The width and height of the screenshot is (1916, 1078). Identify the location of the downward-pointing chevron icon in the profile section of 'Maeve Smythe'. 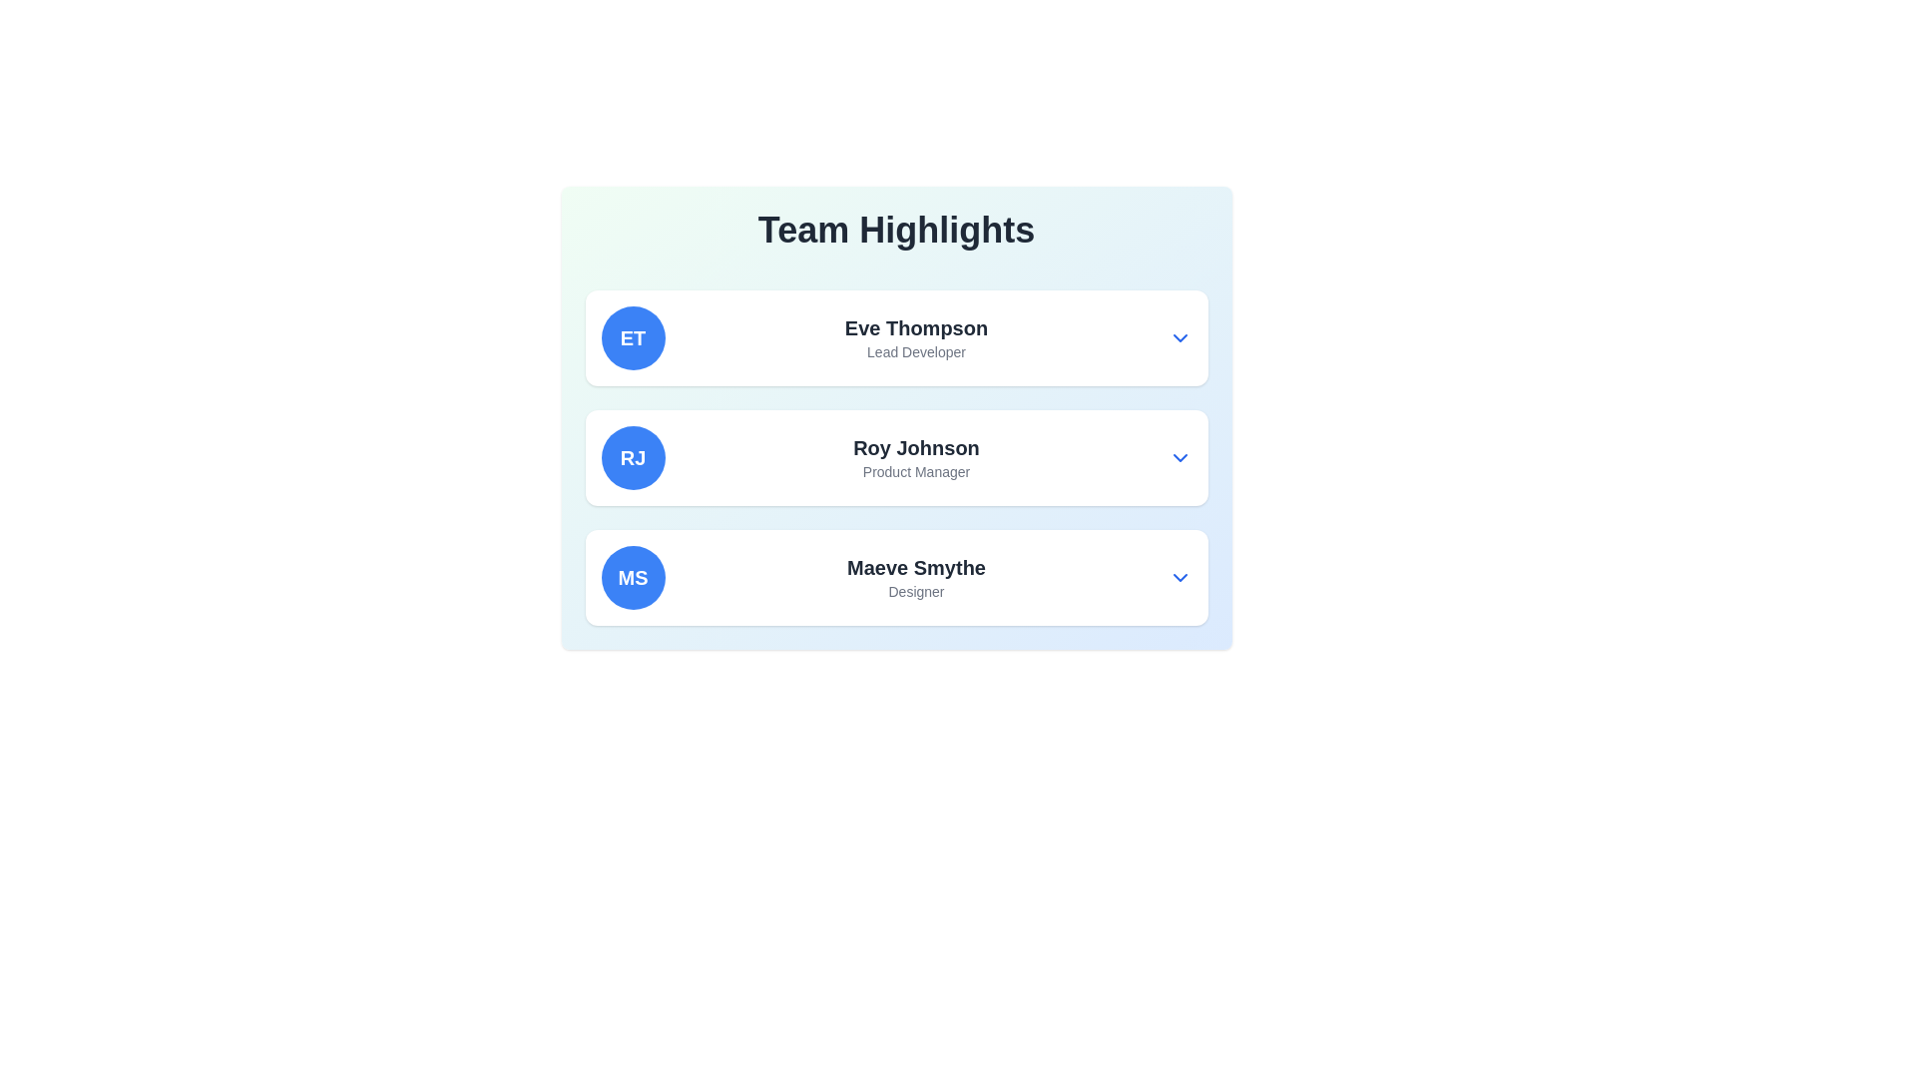
(1180, 577).